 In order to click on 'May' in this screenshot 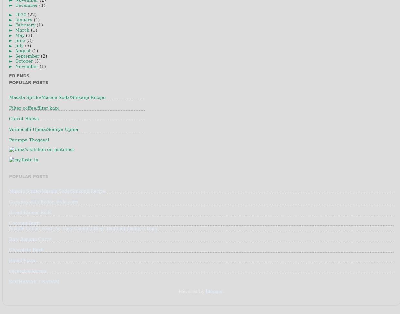, I will do `click(20, 35)`.